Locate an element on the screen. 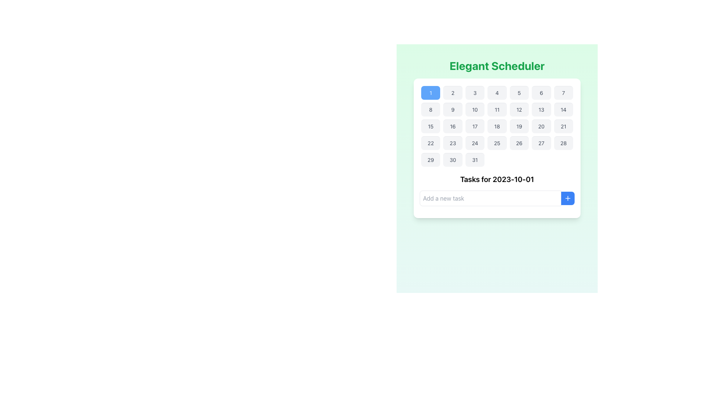  the calendar date button displaying '27' is located at coordinates (541, 143).